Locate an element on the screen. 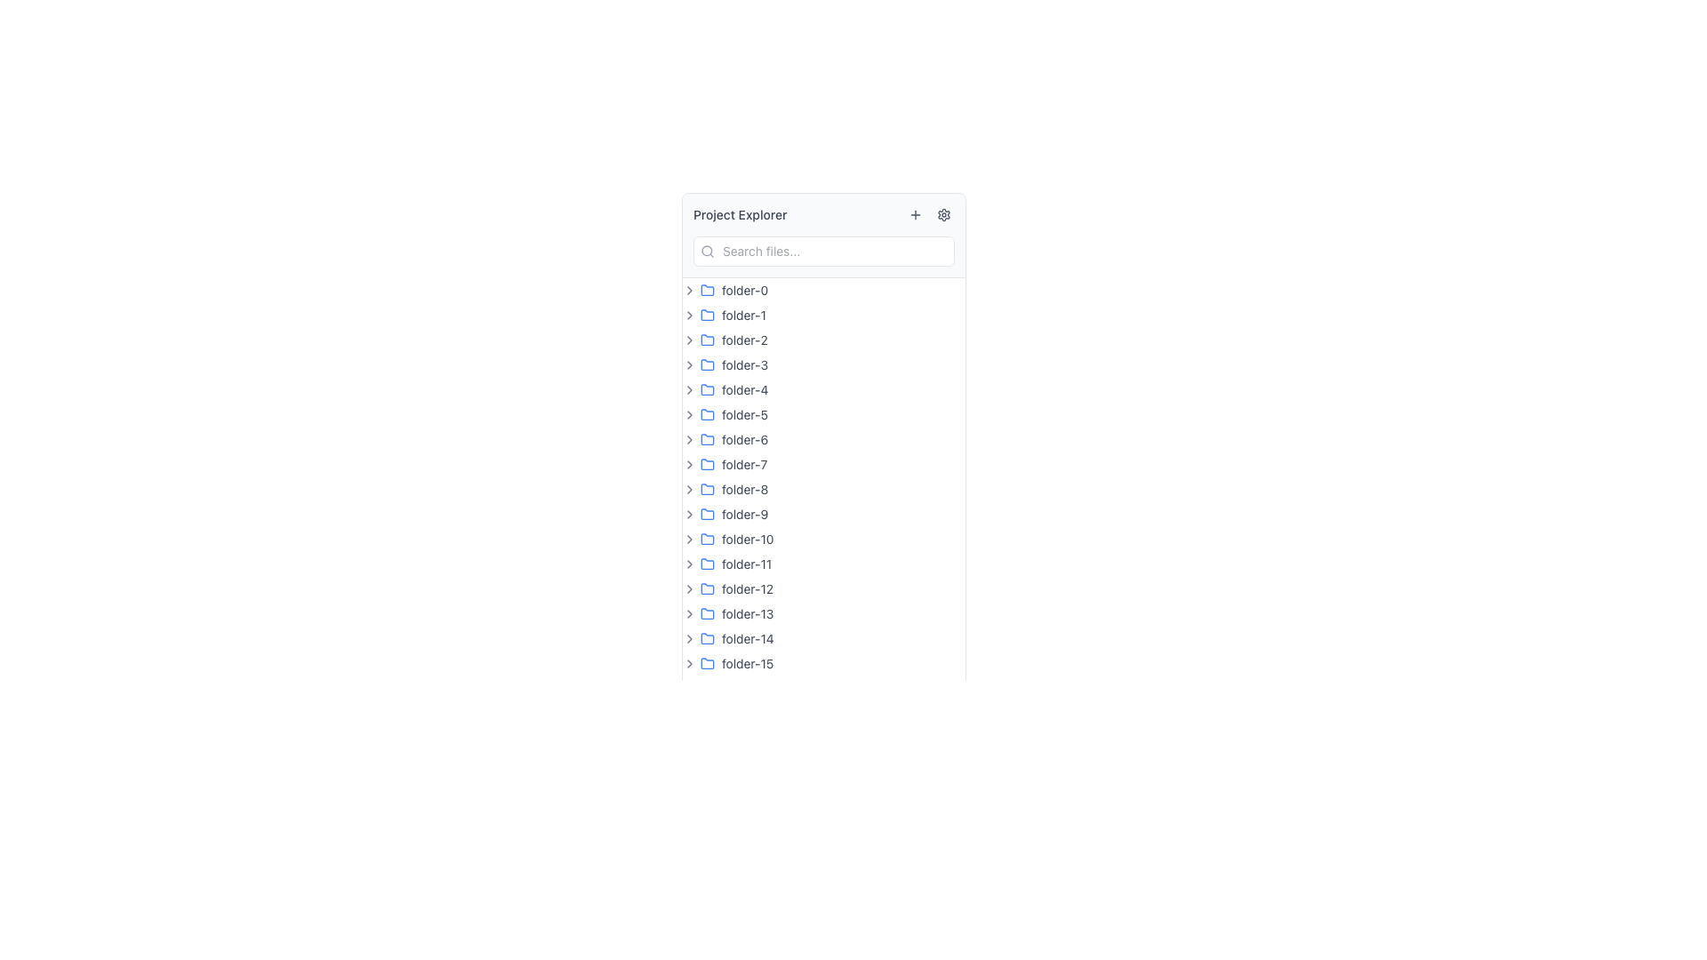 This screenshot has width=1707, height=960. the rightward-pointing arrow icon (expansion toggle) located to the left of the folder icon for 'folder-0' is located at coordinates (689, 290).